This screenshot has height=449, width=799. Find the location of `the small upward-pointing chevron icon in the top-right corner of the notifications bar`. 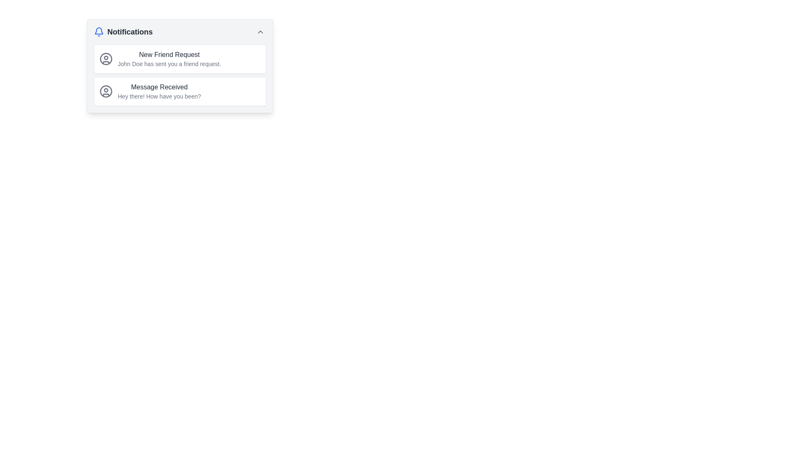

the small upward-pointing chevron icon in the top-right corner of the notifications bar is located at coordinates (260, 32).